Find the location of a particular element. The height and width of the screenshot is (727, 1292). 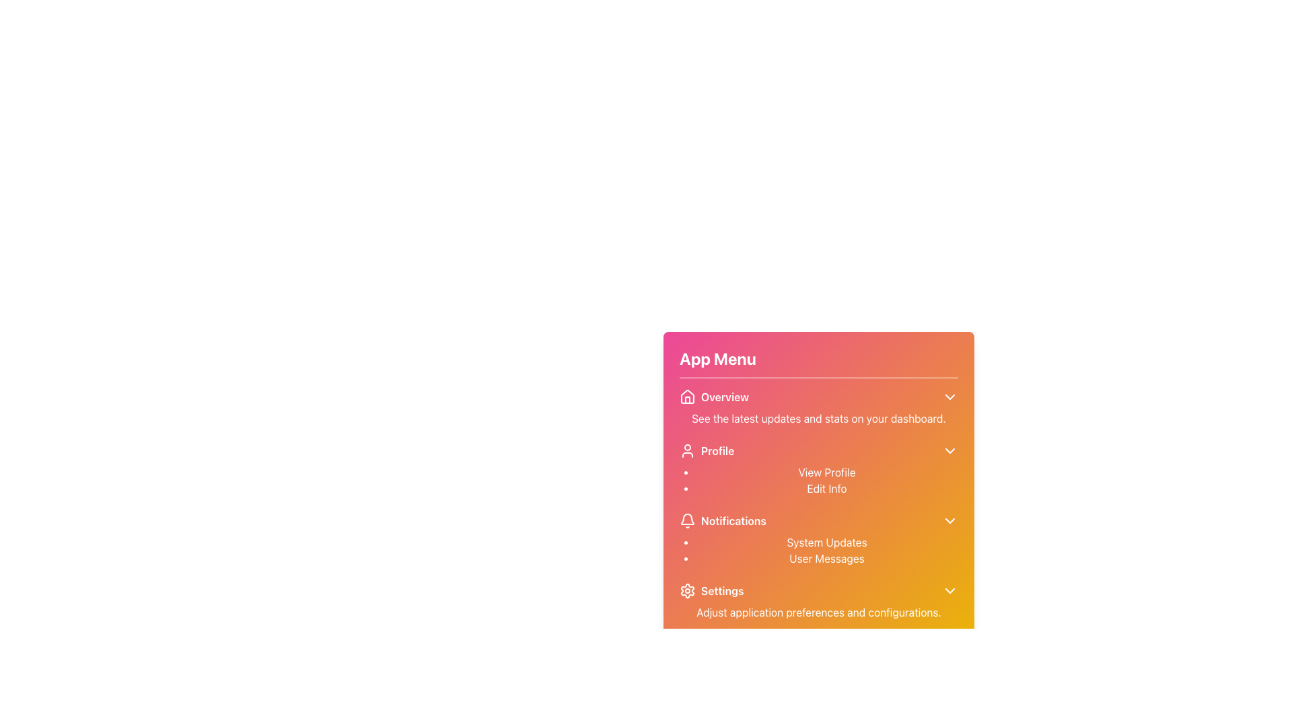

the first text item in the 'Profile' section of the menu is located at coordinates (826, 472).